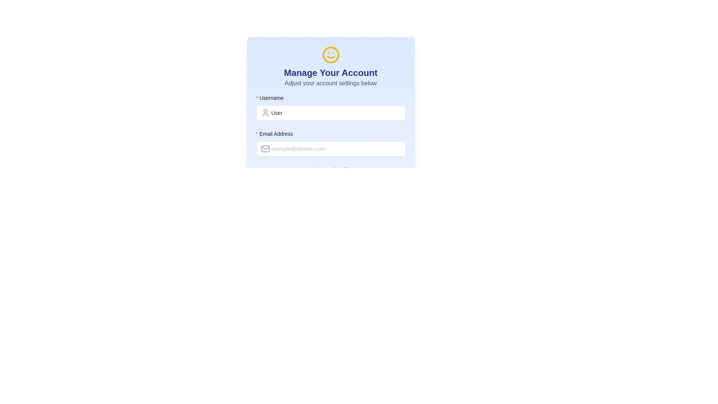 The width and height of the screenshot is (718, 404). I want to click on the static text label that describes the email input field located just above it in the form layout, so click(276, 134).